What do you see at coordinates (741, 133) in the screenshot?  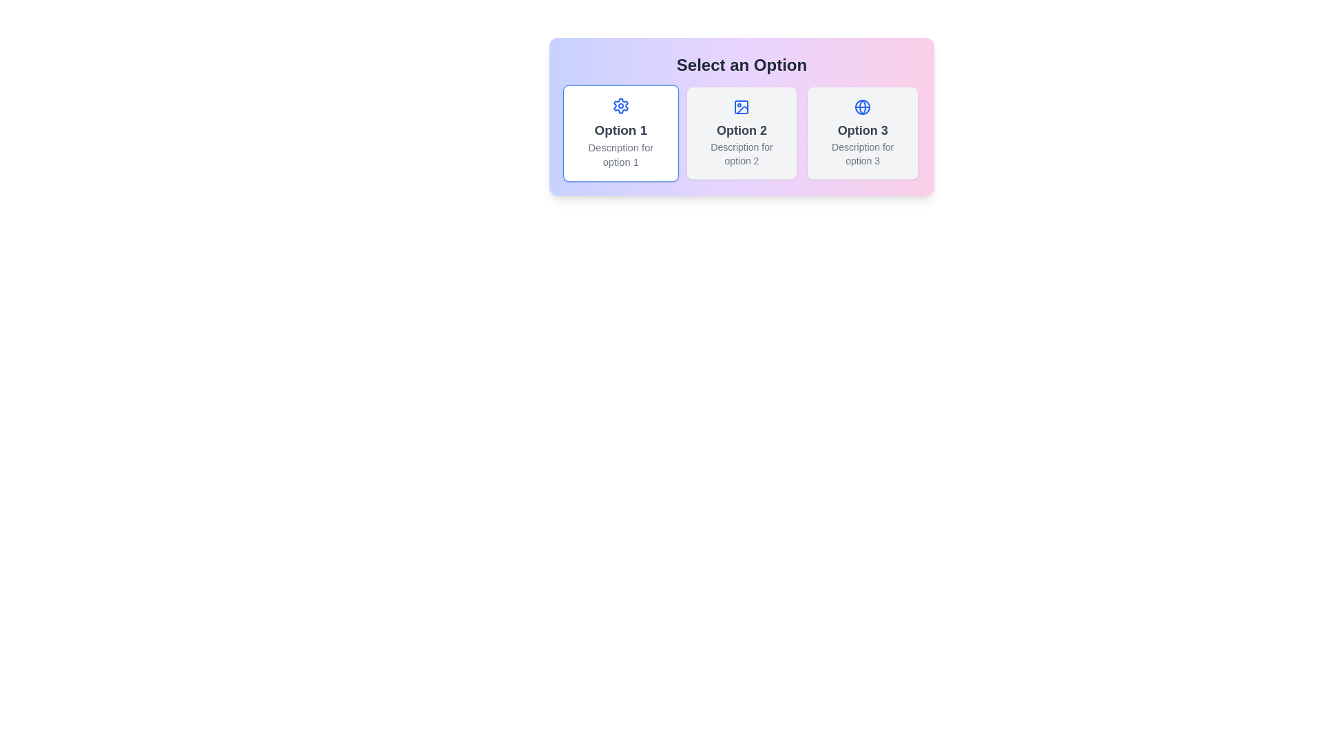 I see `the second interactive card in a horizontally-aligned layout` at bounding box center [741, 133].